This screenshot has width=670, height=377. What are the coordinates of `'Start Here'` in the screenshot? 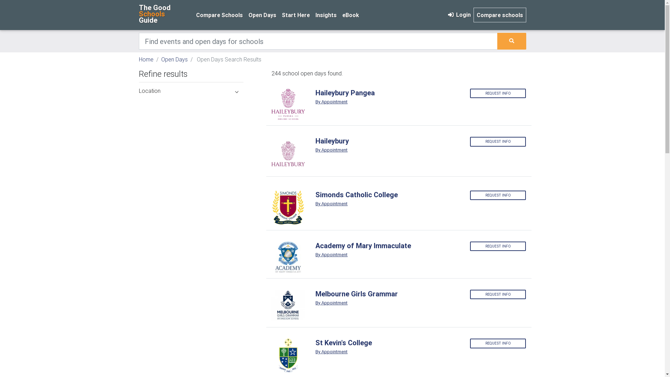 It's located at (296, 15).